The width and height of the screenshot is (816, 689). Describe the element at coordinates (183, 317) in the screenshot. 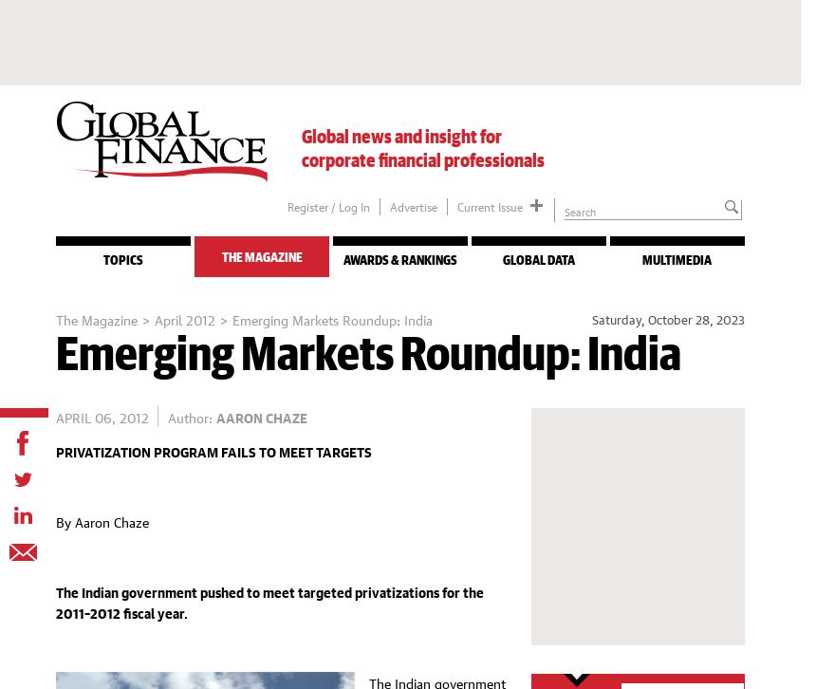

I see `'April 2012'` at that location.